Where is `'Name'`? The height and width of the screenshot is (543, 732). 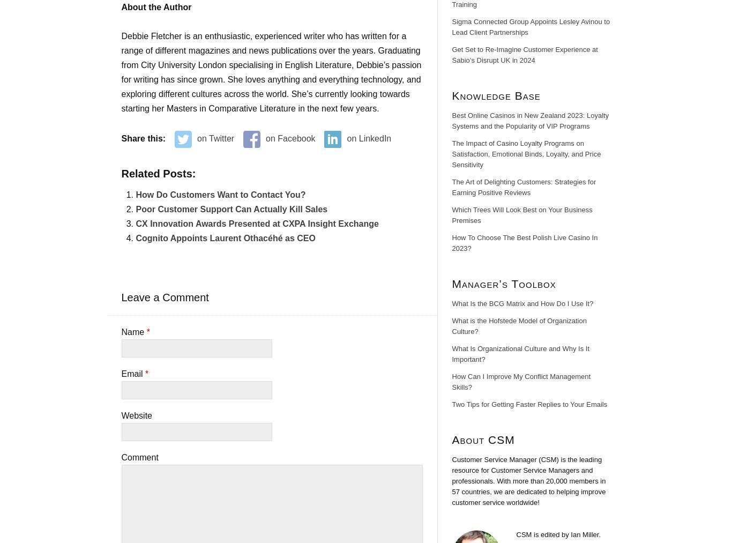 'Name' is located at coordinates (120, 331).